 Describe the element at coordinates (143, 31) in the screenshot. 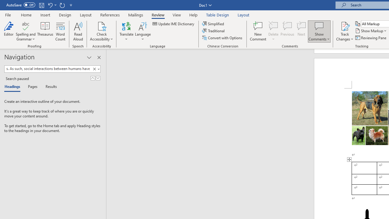

I see `'Language'` at that location.